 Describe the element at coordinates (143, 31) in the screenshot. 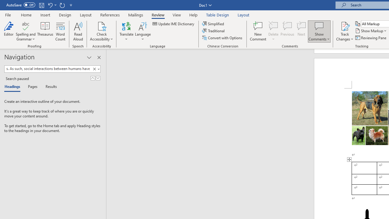

I see `'Language'` at that location.